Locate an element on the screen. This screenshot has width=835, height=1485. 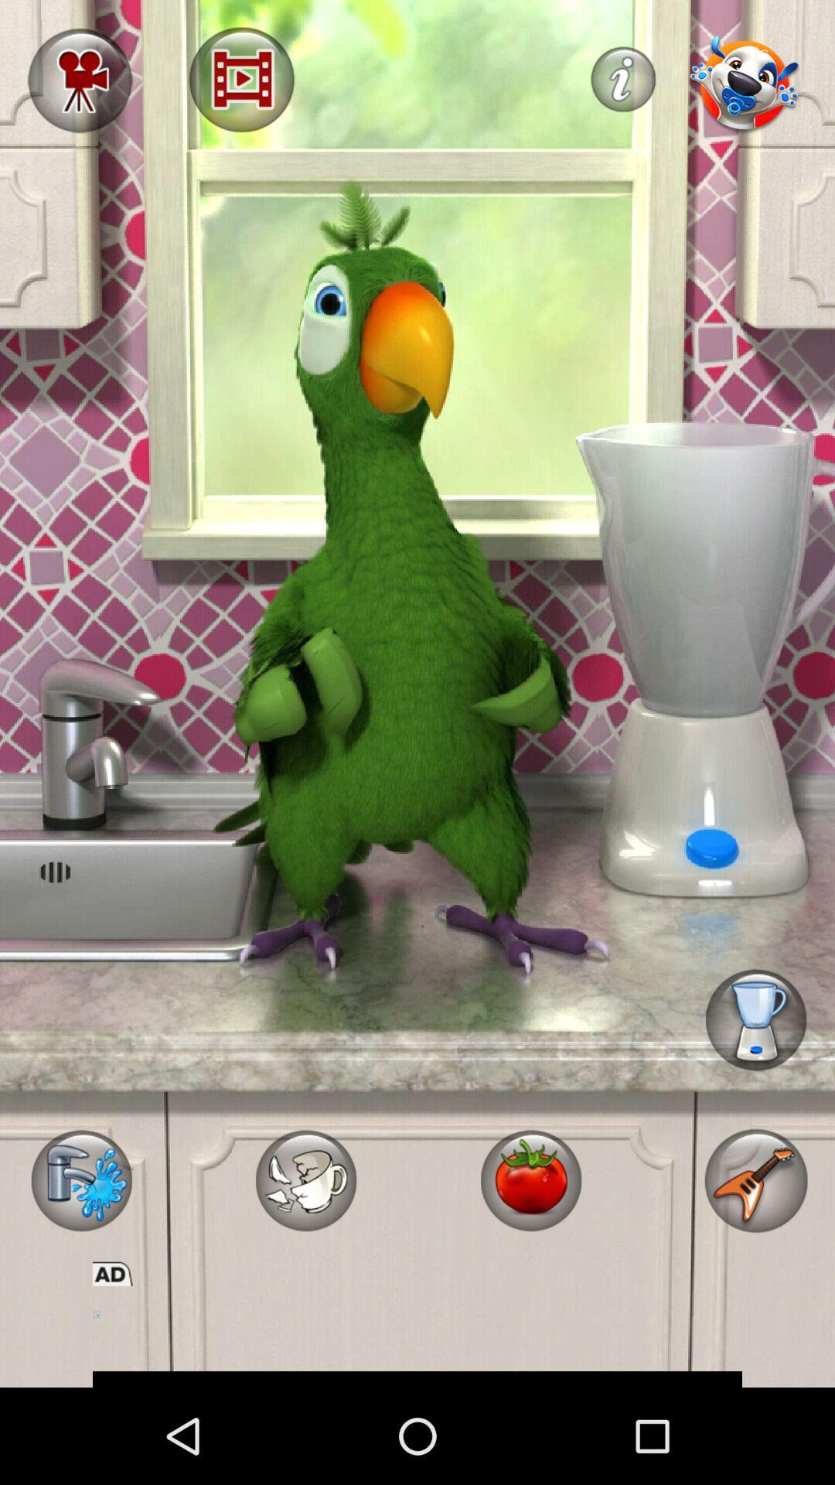
click advertisement is located at coordinates (417, 1336).